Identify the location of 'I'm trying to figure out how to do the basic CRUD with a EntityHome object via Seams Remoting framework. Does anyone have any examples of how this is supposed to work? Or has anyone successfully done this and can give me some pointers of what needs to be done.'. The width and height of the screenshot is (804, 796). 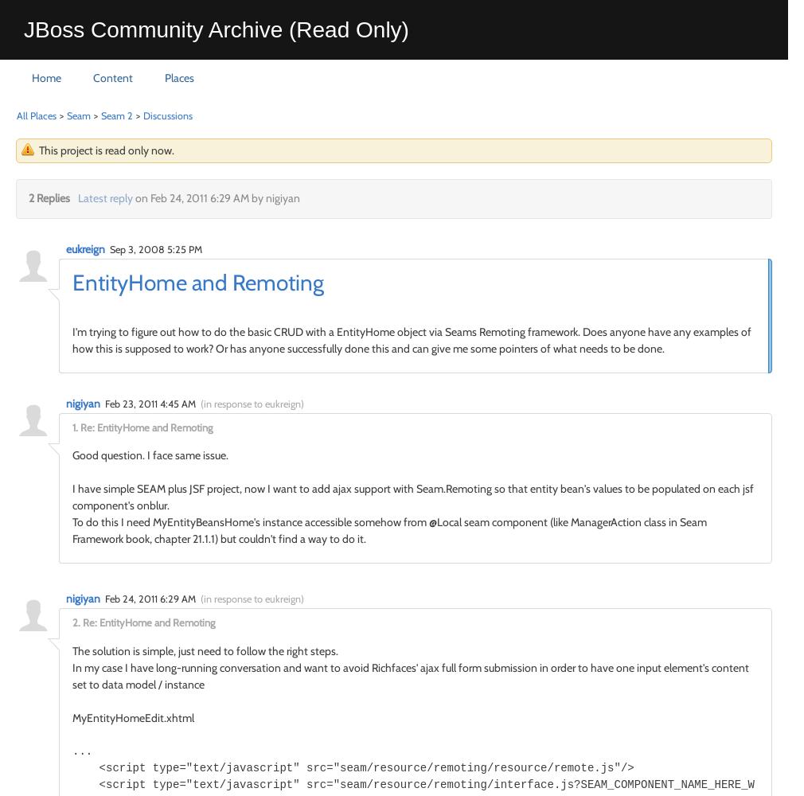
(411, 339).